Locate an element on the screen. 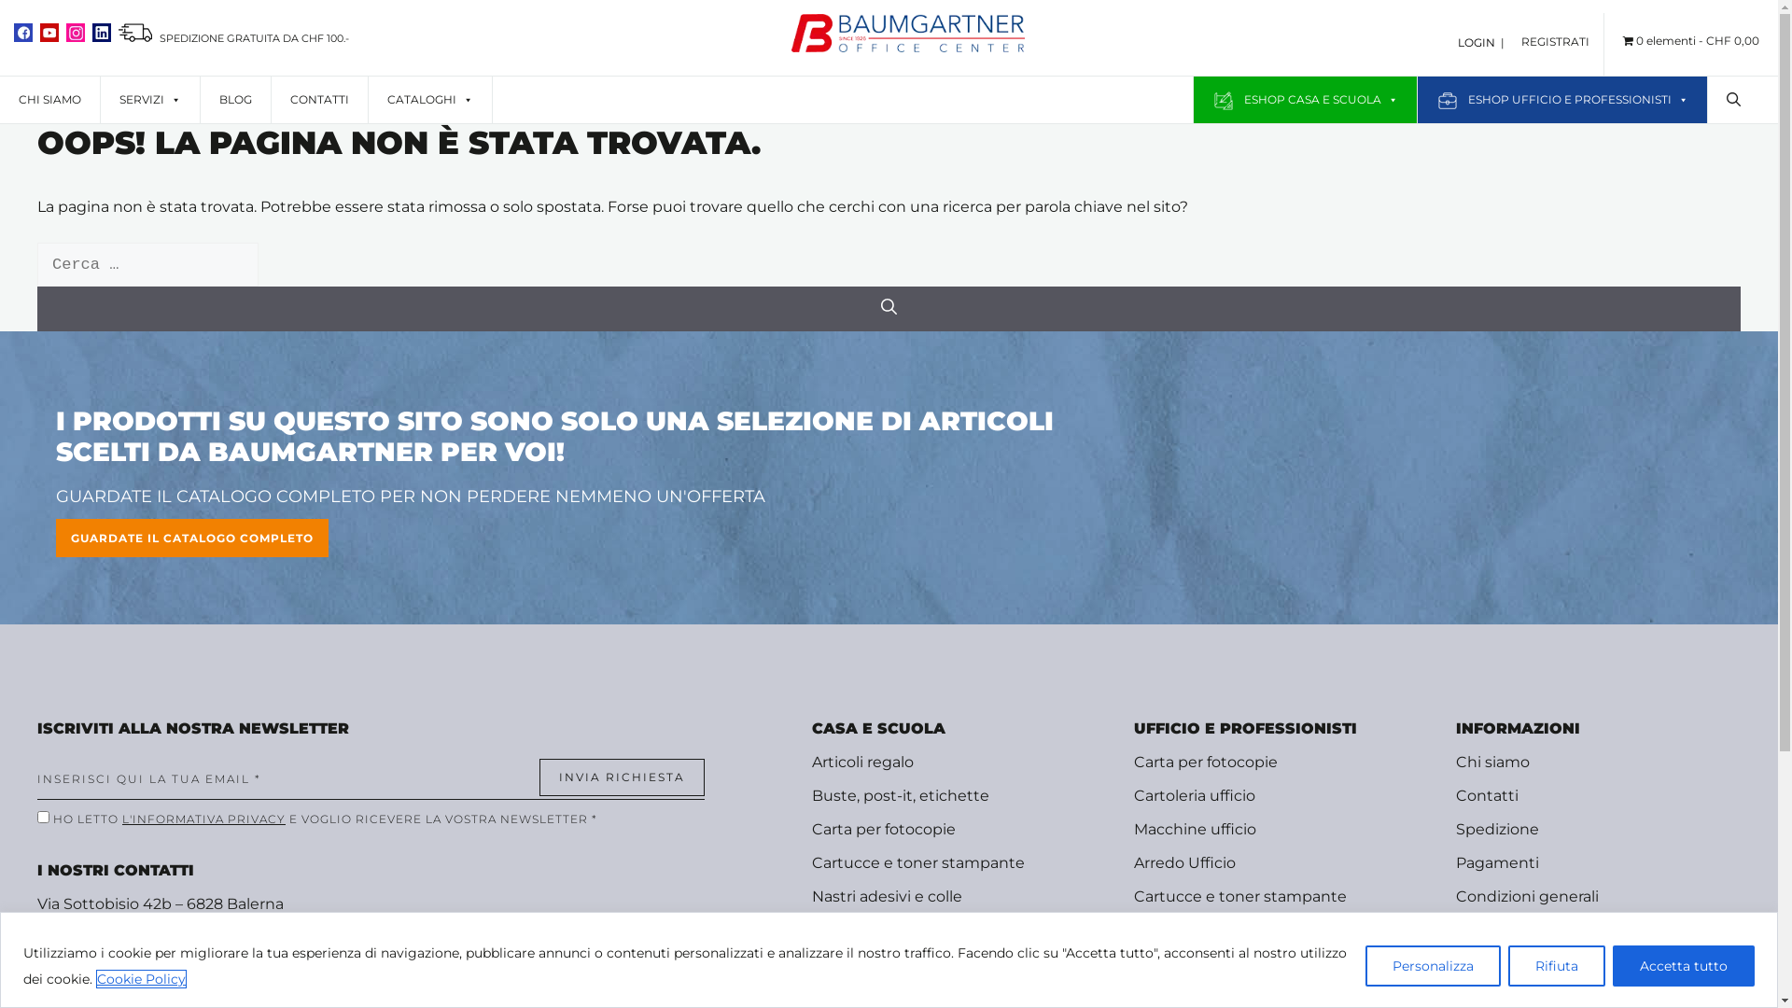 The height and width of the screenshot is (1008, 1792). 'Macchine ufficio' is located at coordinates (1195, 828).